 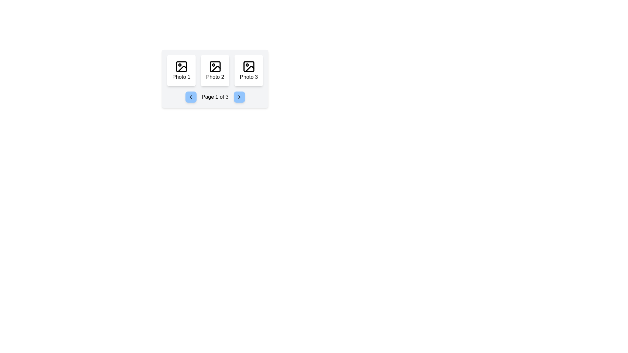 I want to click on the graphic component (rounded rectangle) of the button representing 'Photo 2', which is the second button in a group of three horizontally aligned buttons, so click(x=215, y=67).